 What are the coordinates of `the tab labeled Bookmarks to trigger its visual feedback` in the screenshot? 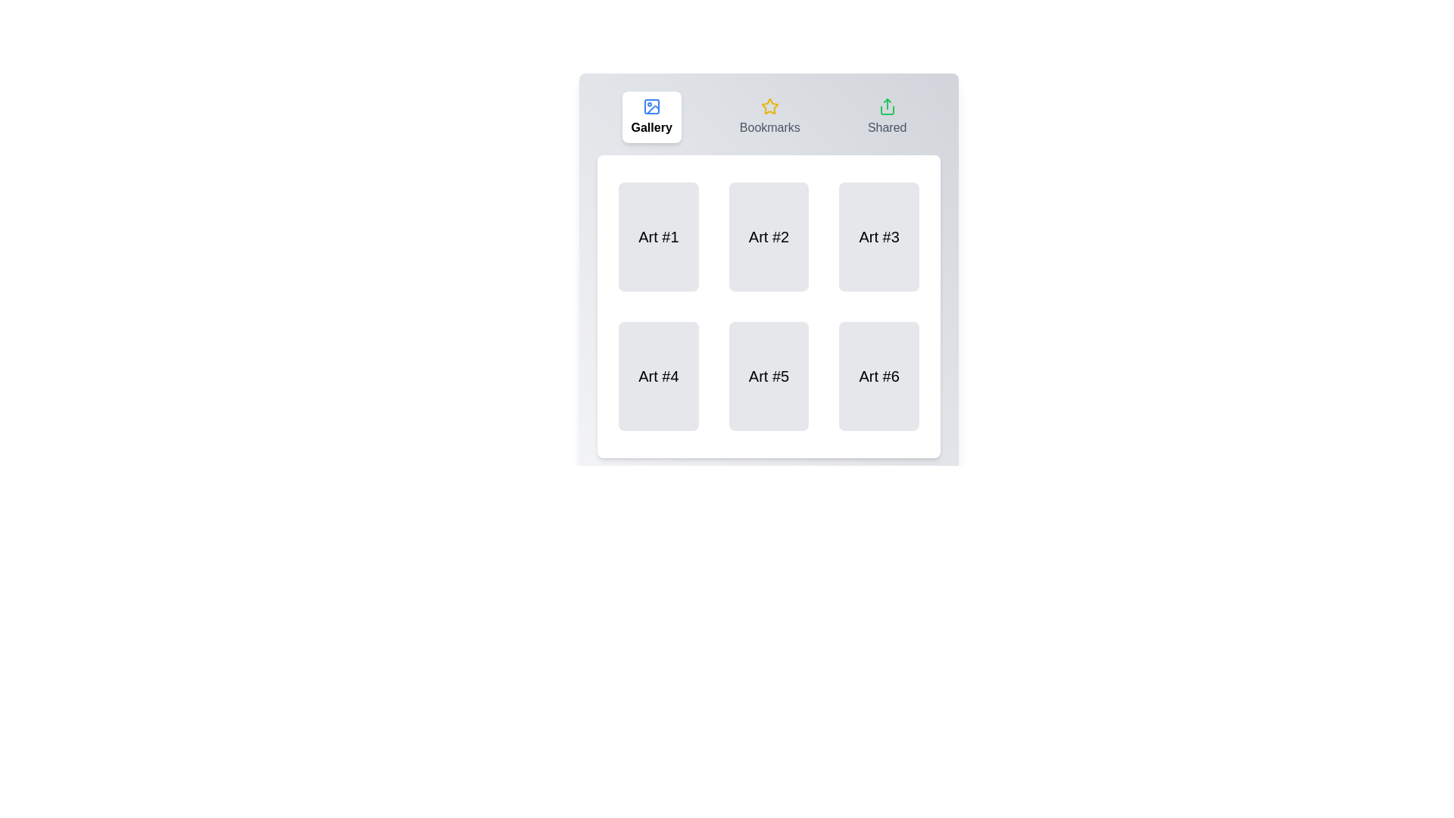 It's located at (769, 116).